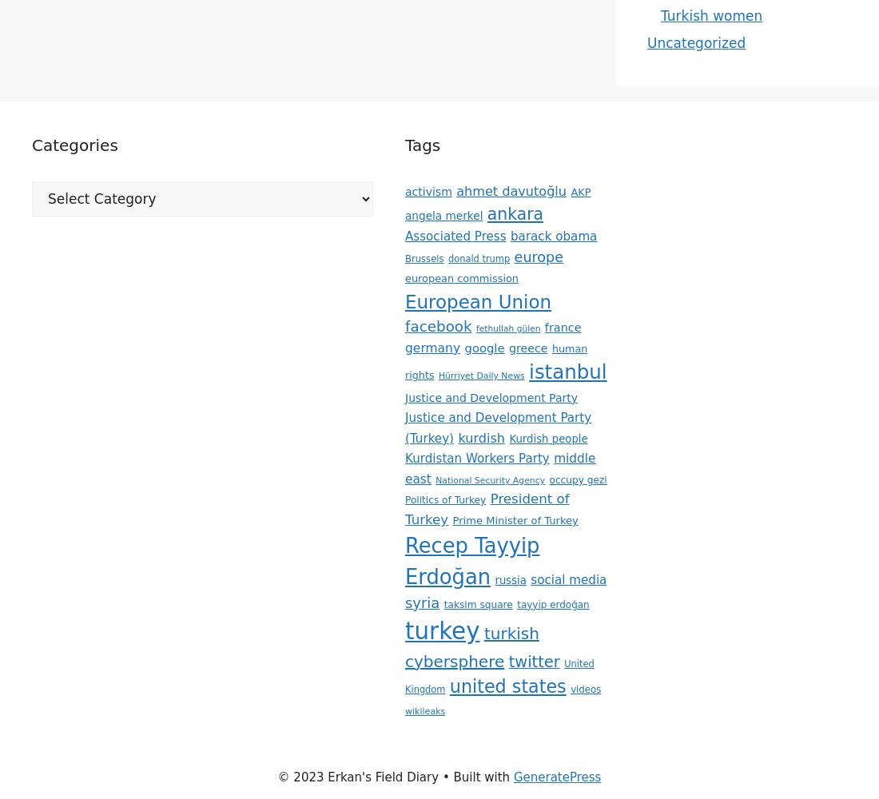 The width and height of the screenshot is (879, 799). What do you see at coordinates (475, 776) in the screenshot?
I see `'• Built with'` at bounding box center [475, 776].